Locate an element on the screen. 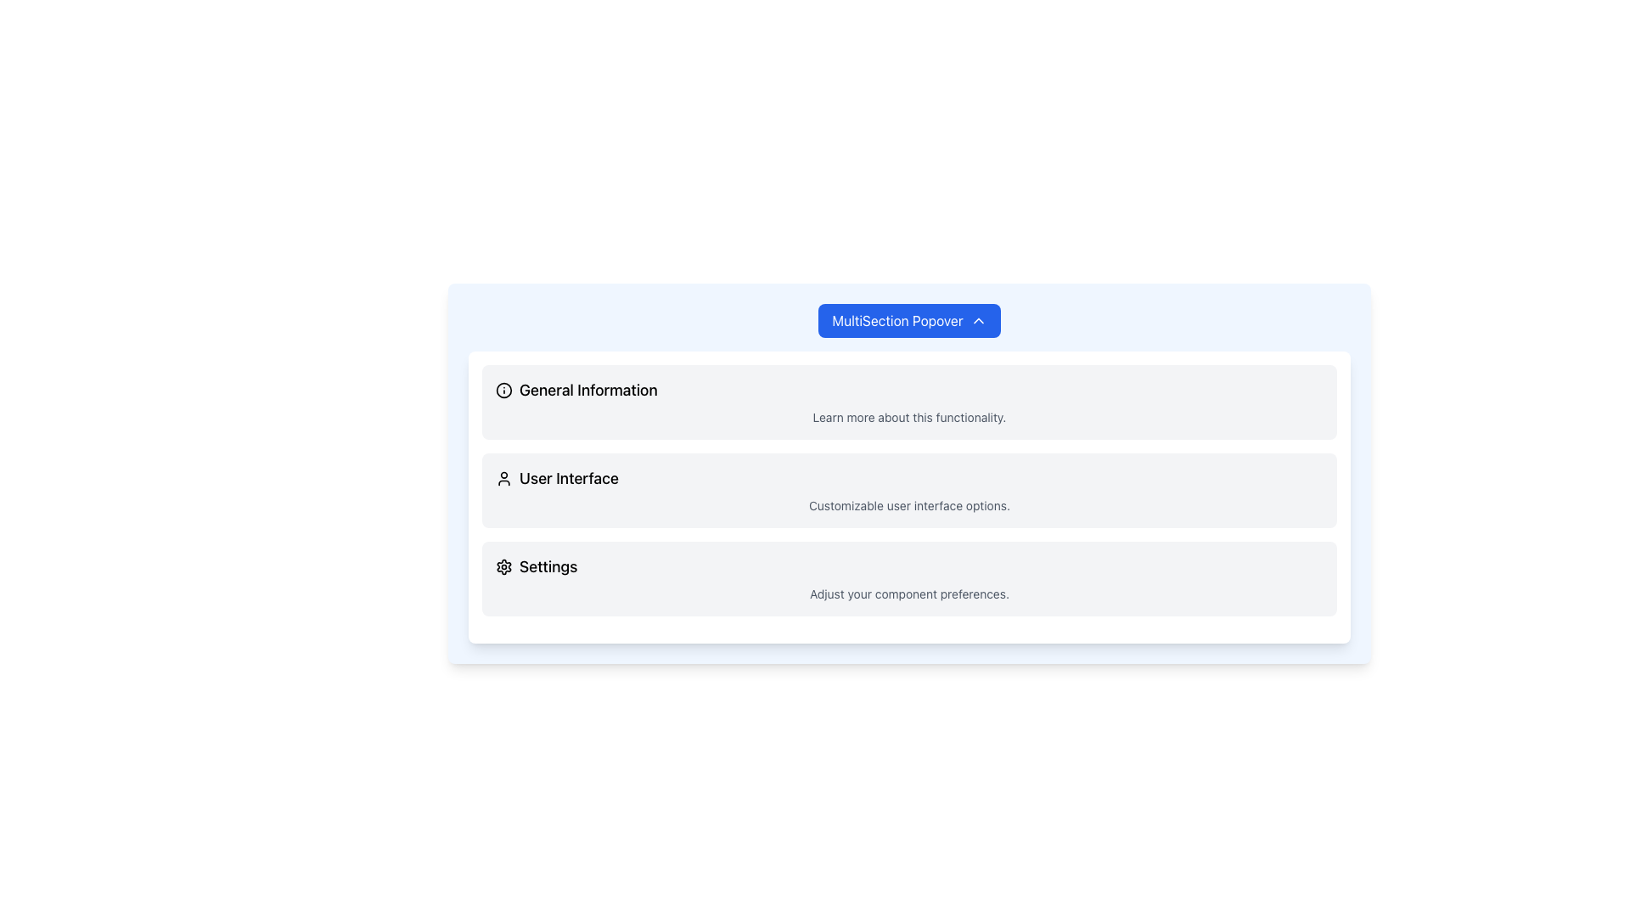  the outer cog of the settings icon located in the bottom row labeled 'Settings' within the popover menu is located at coordinates (503, 566).